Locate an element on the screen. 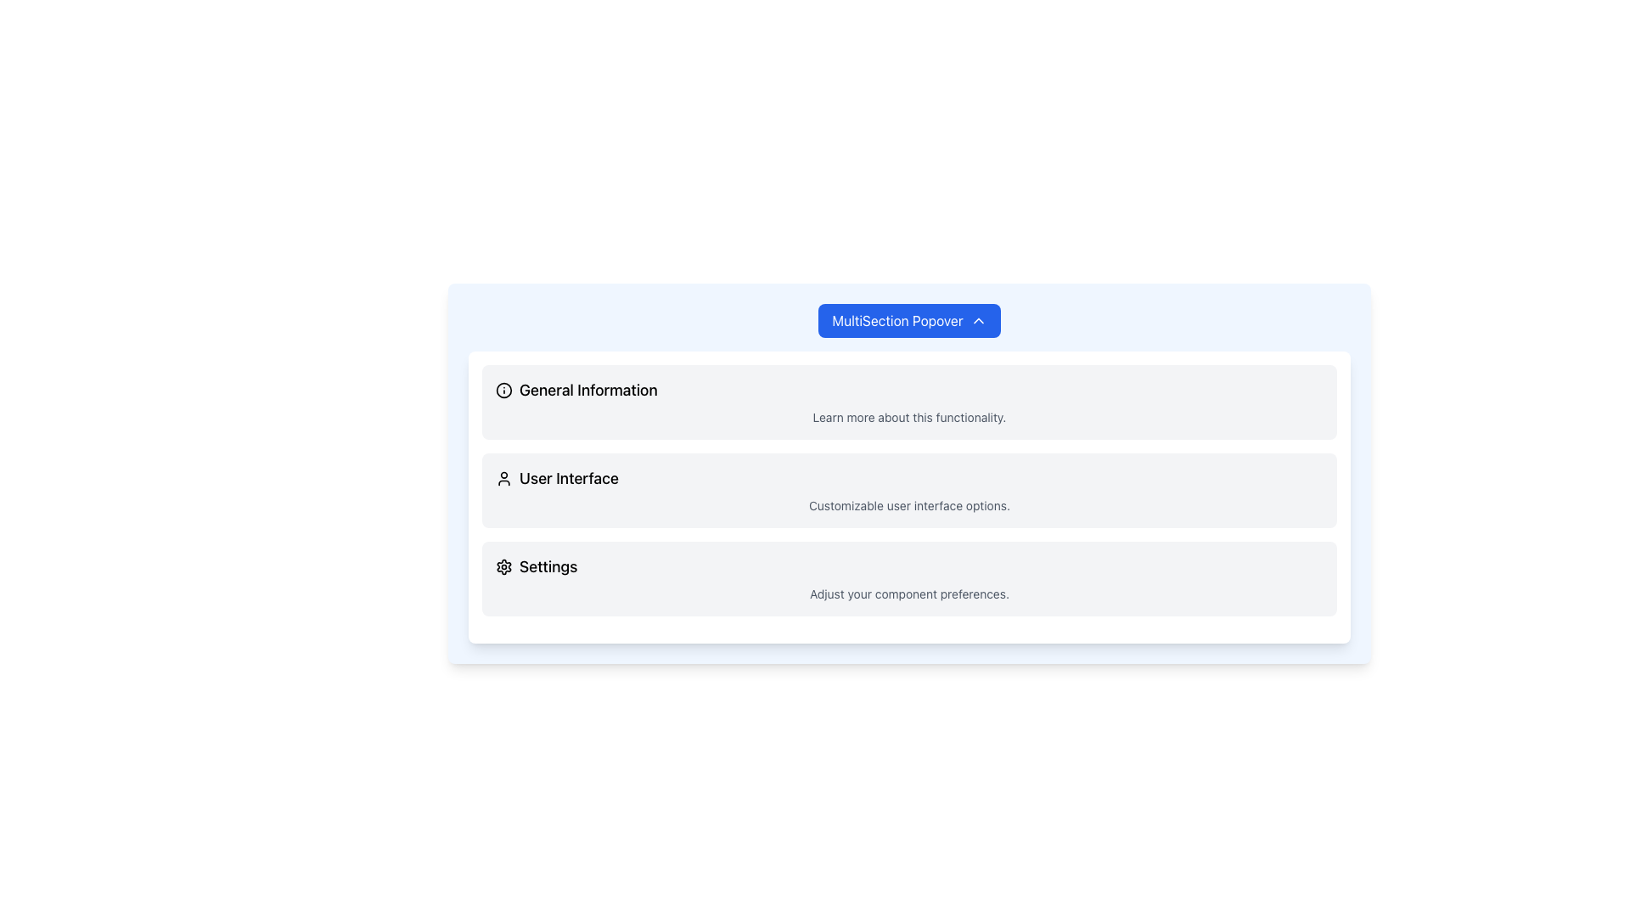  the outer cog of the settings icon located in the bottom row labeled 'Settings' within the popover menu is located at coordinates (503, 566).